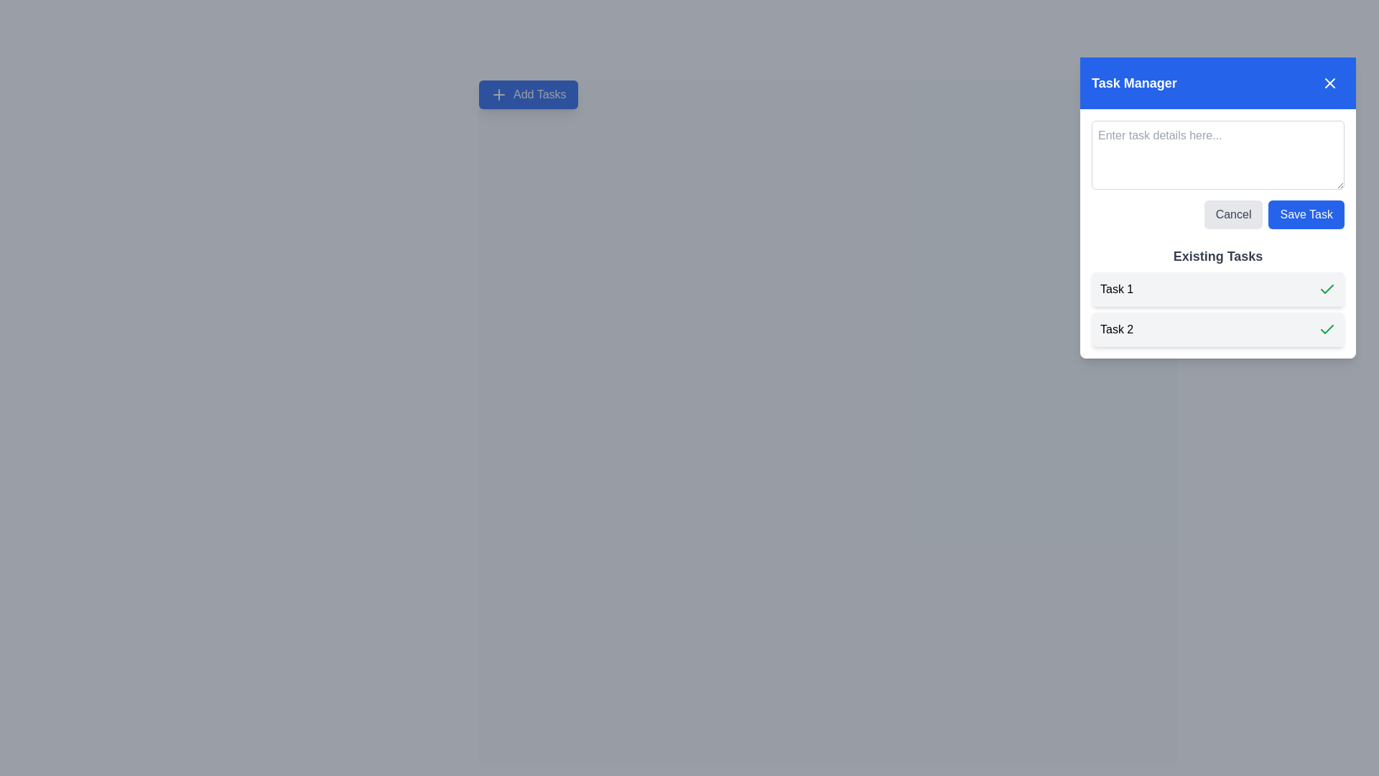  Describe the element at coordinates (1217, 289) in the screenshot. I see `the 'Task 1' card in the 'Existing Tasks' section of the 'Task Manager' modal` at that location.